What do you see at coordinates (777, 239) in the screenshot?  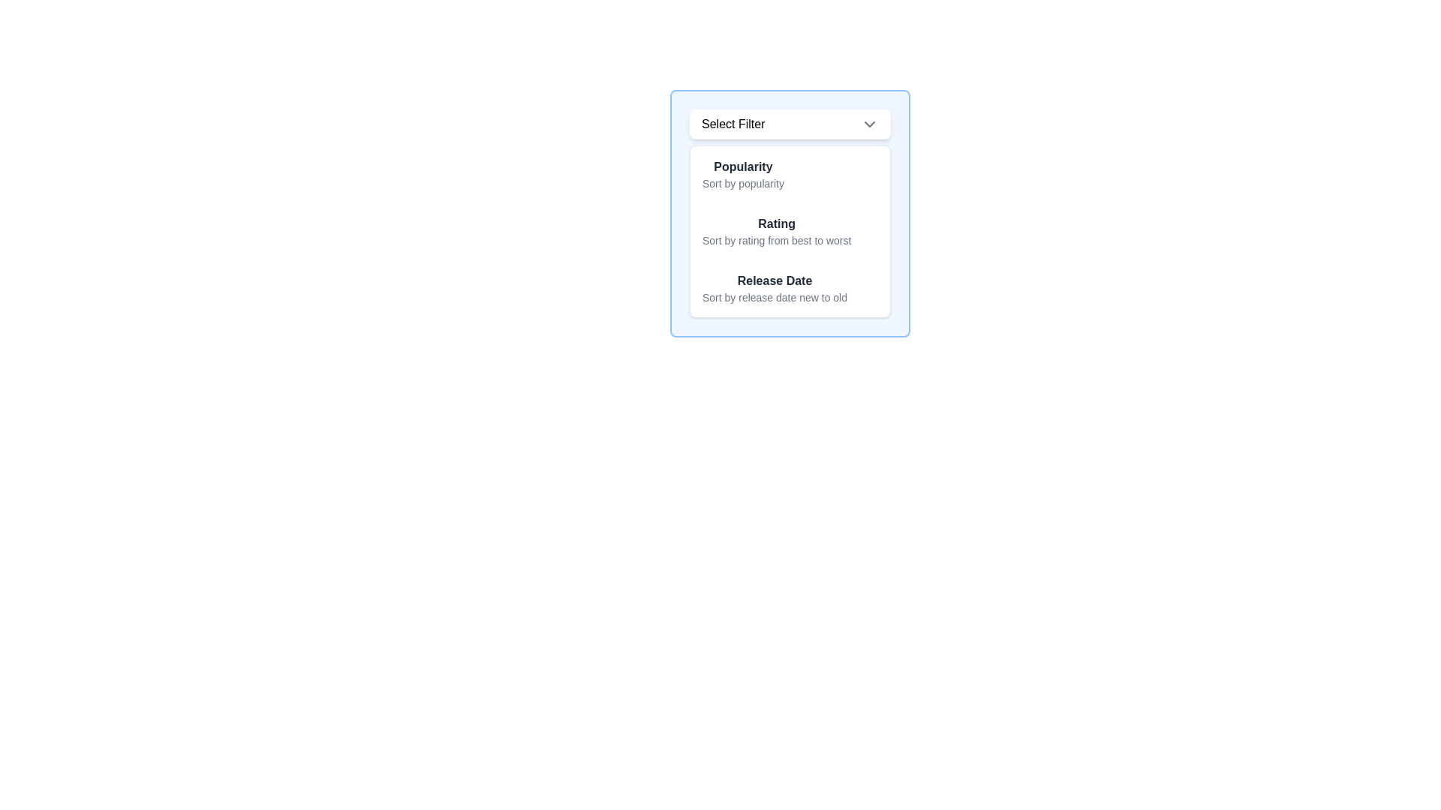 I see `the instruction text 'Sort by rating from best to worst', which is a small gray font located beneath the 'Rating' label in the dropdown selection interface` at bounding box center [777, 239].